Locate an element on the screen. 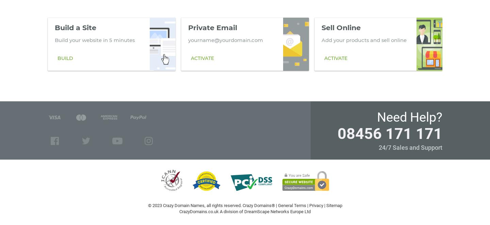  '© 2023 Crazy Domain Names, all rights reserved.' is located at coordinates (194, 205).